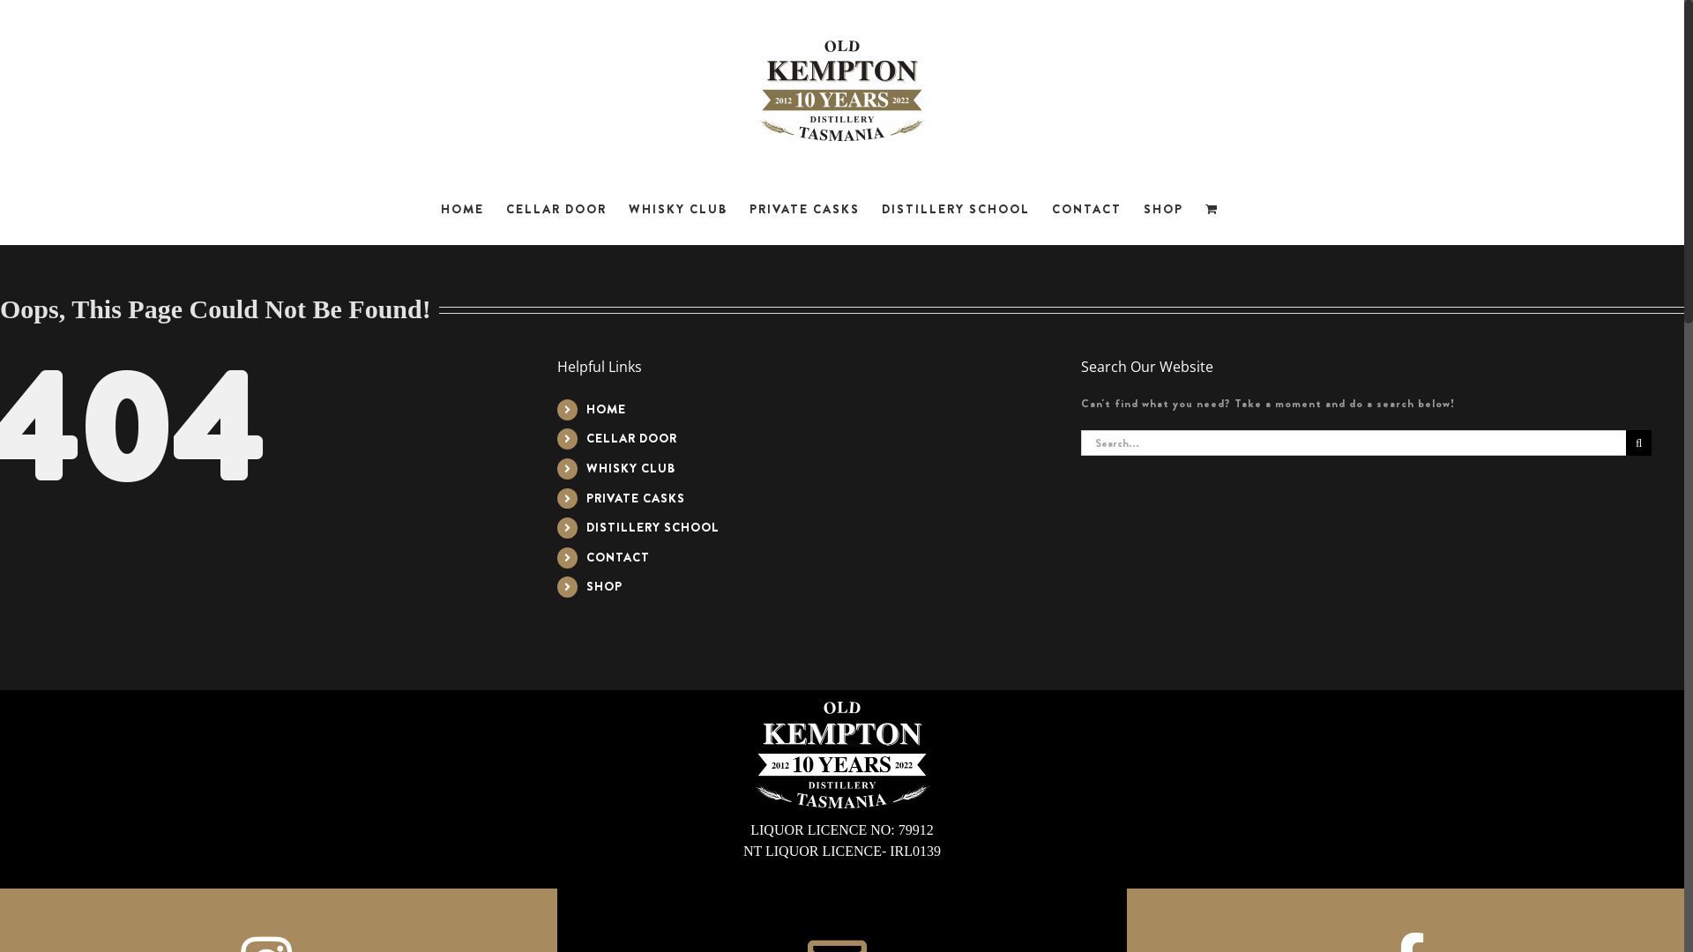 This screenshot has height=952, width=1693. I want to click on 'WHISKY CLUB', so click(586, 467).